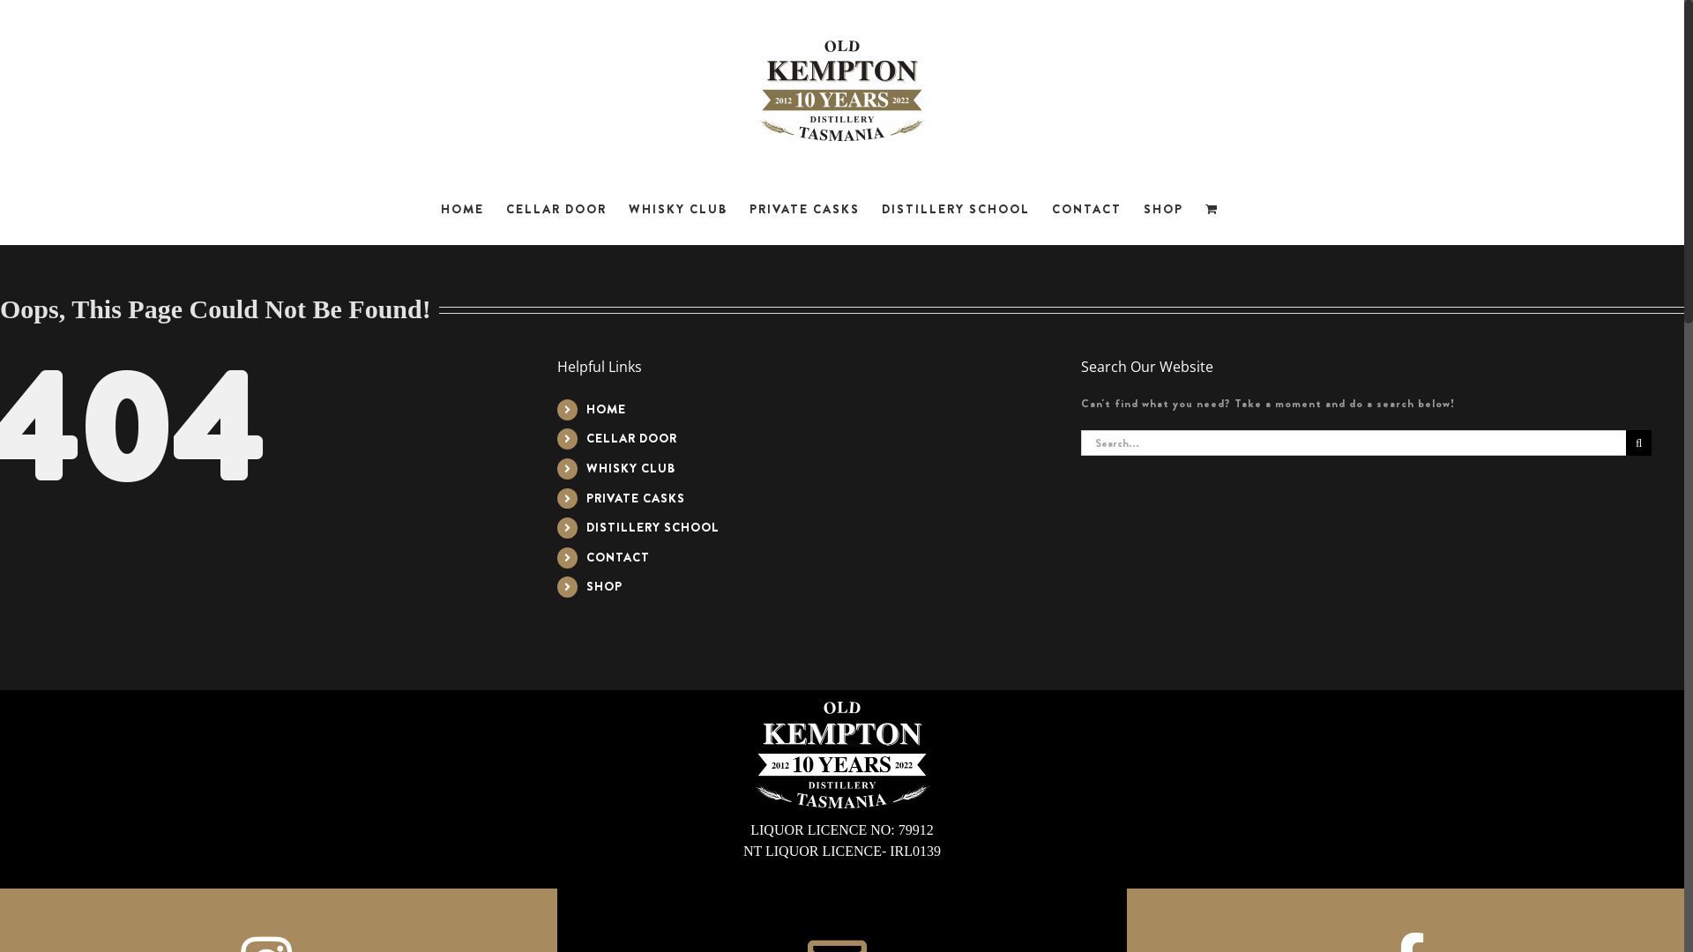 This screenshot has height=952, width=1693. I want to click on 'WHISKY CLUB', so click(586, 467).